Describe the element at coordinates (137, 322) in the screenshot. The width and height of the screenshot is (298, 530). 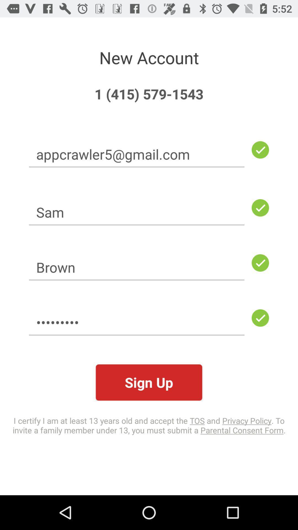
I see `the crowd3116 item` at that location.